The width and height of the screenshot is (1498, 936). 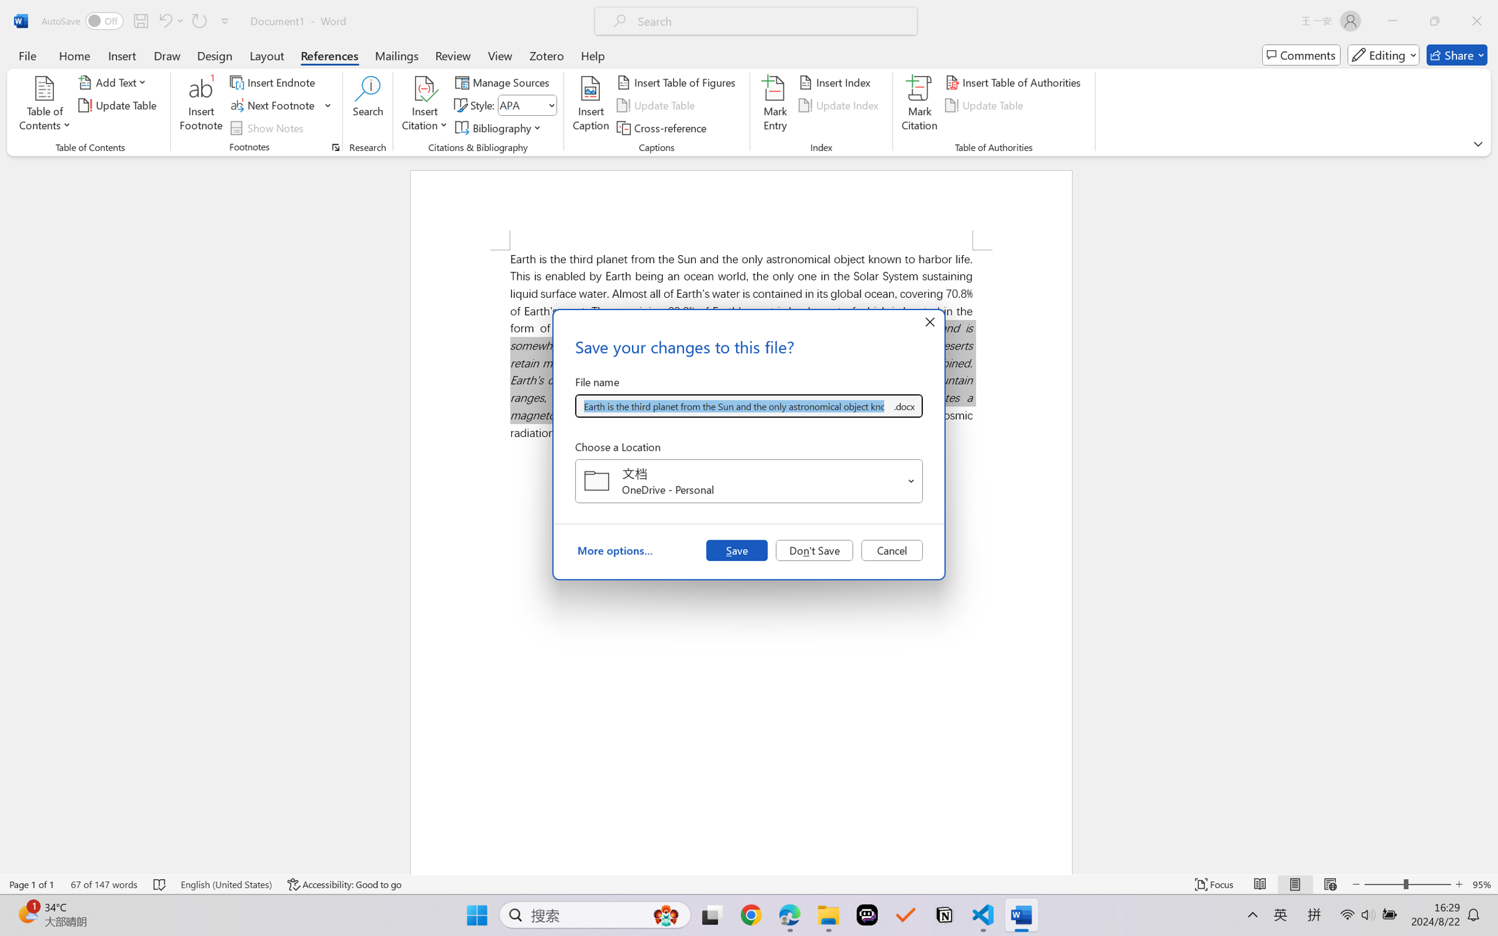 What do you see at coordinates (891, 549) in the screenshot?
I see `'Cancel'` at bounding box center [891, 549].